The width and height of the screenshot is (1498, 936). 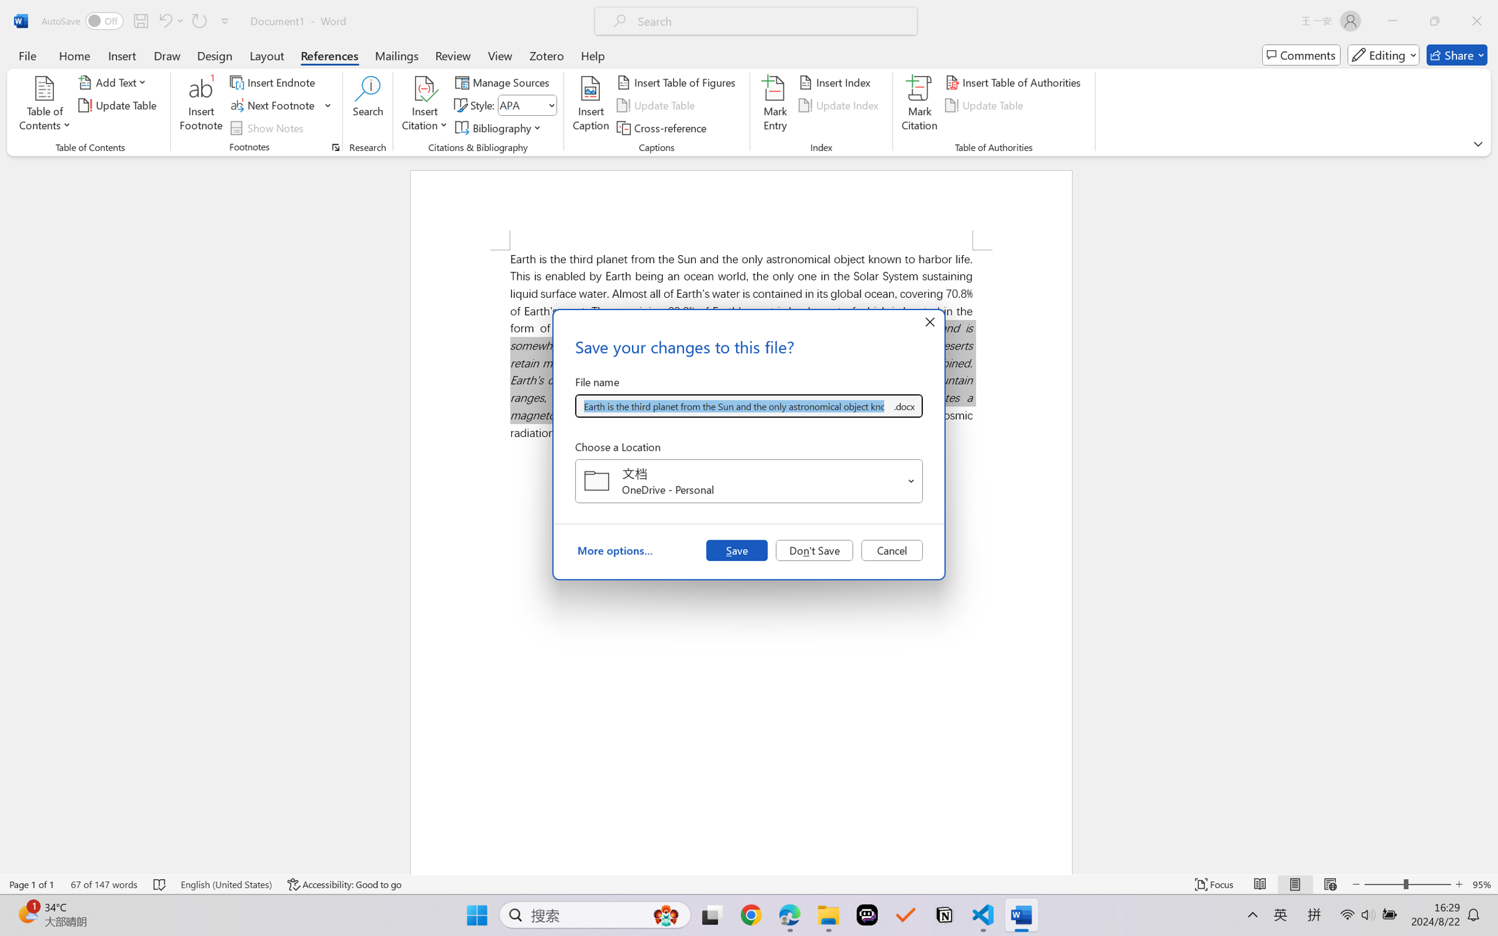 What do you see at coordinates (891, 549) in the screenshot?
I see `'Cancel'` at bounding box center [891, 549].